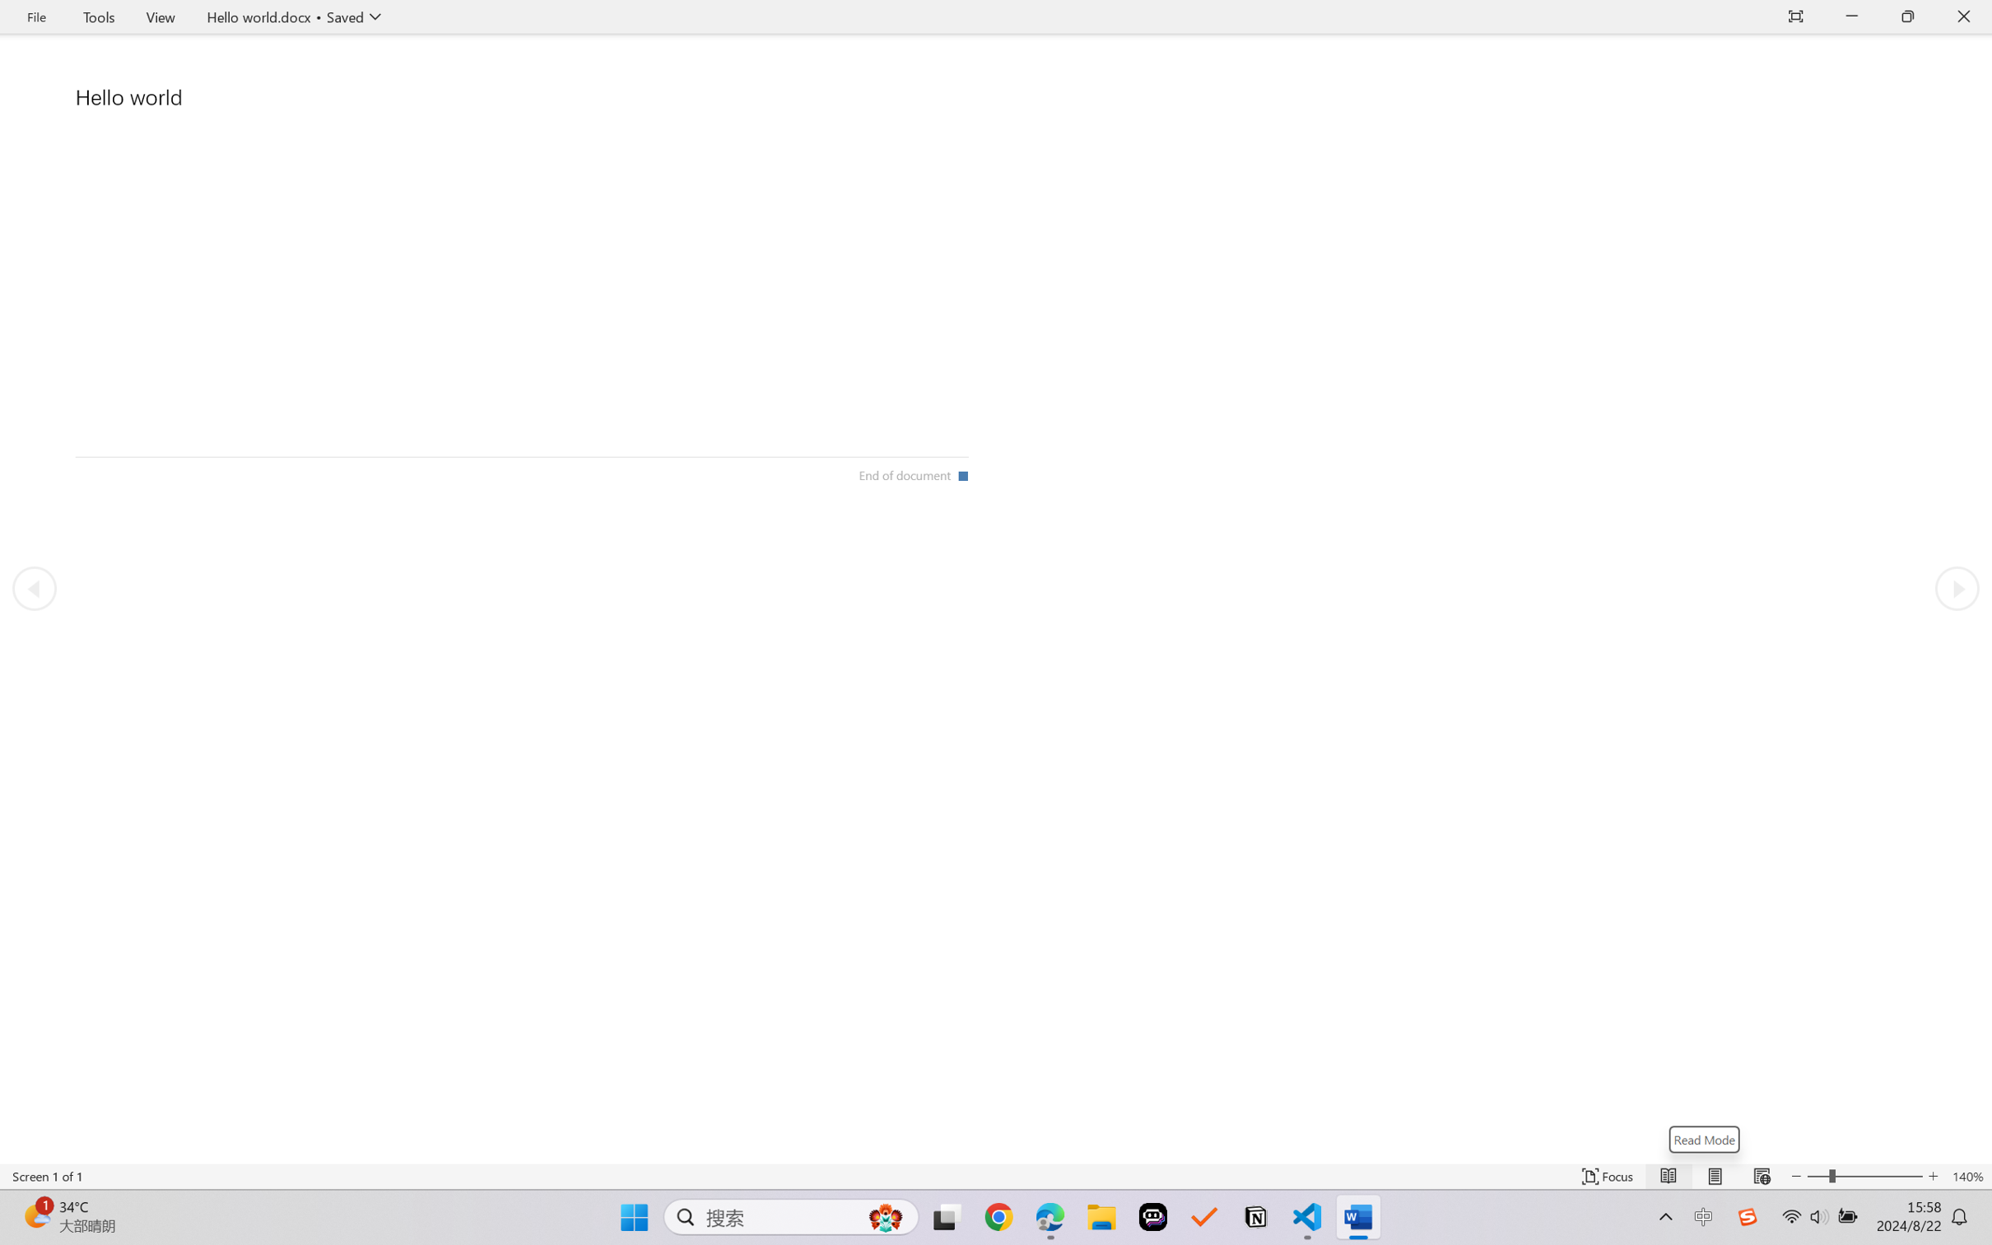 Image resolution: width=1992 pixels, height=1245 pixels. I want to click on 'Restore Down', so click(1908, 16).